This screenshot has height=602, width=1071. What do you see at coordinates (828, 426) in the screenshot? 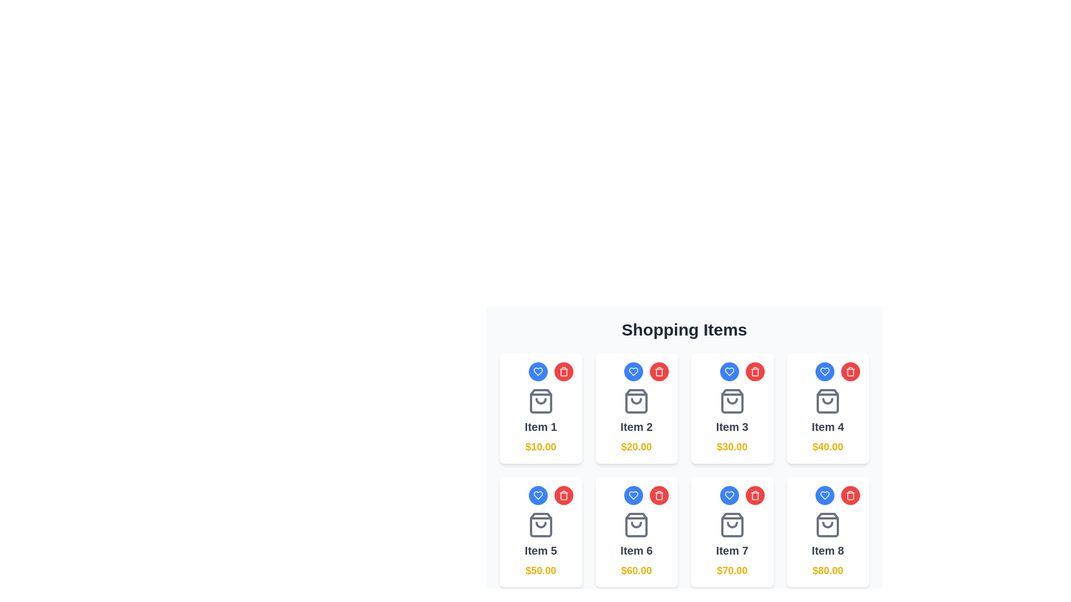
I see `text content displayed in the card for 'Item 4' priced at $40.00 located in the second row, fourth column of the grid layout` at bounding box center [828, 426].